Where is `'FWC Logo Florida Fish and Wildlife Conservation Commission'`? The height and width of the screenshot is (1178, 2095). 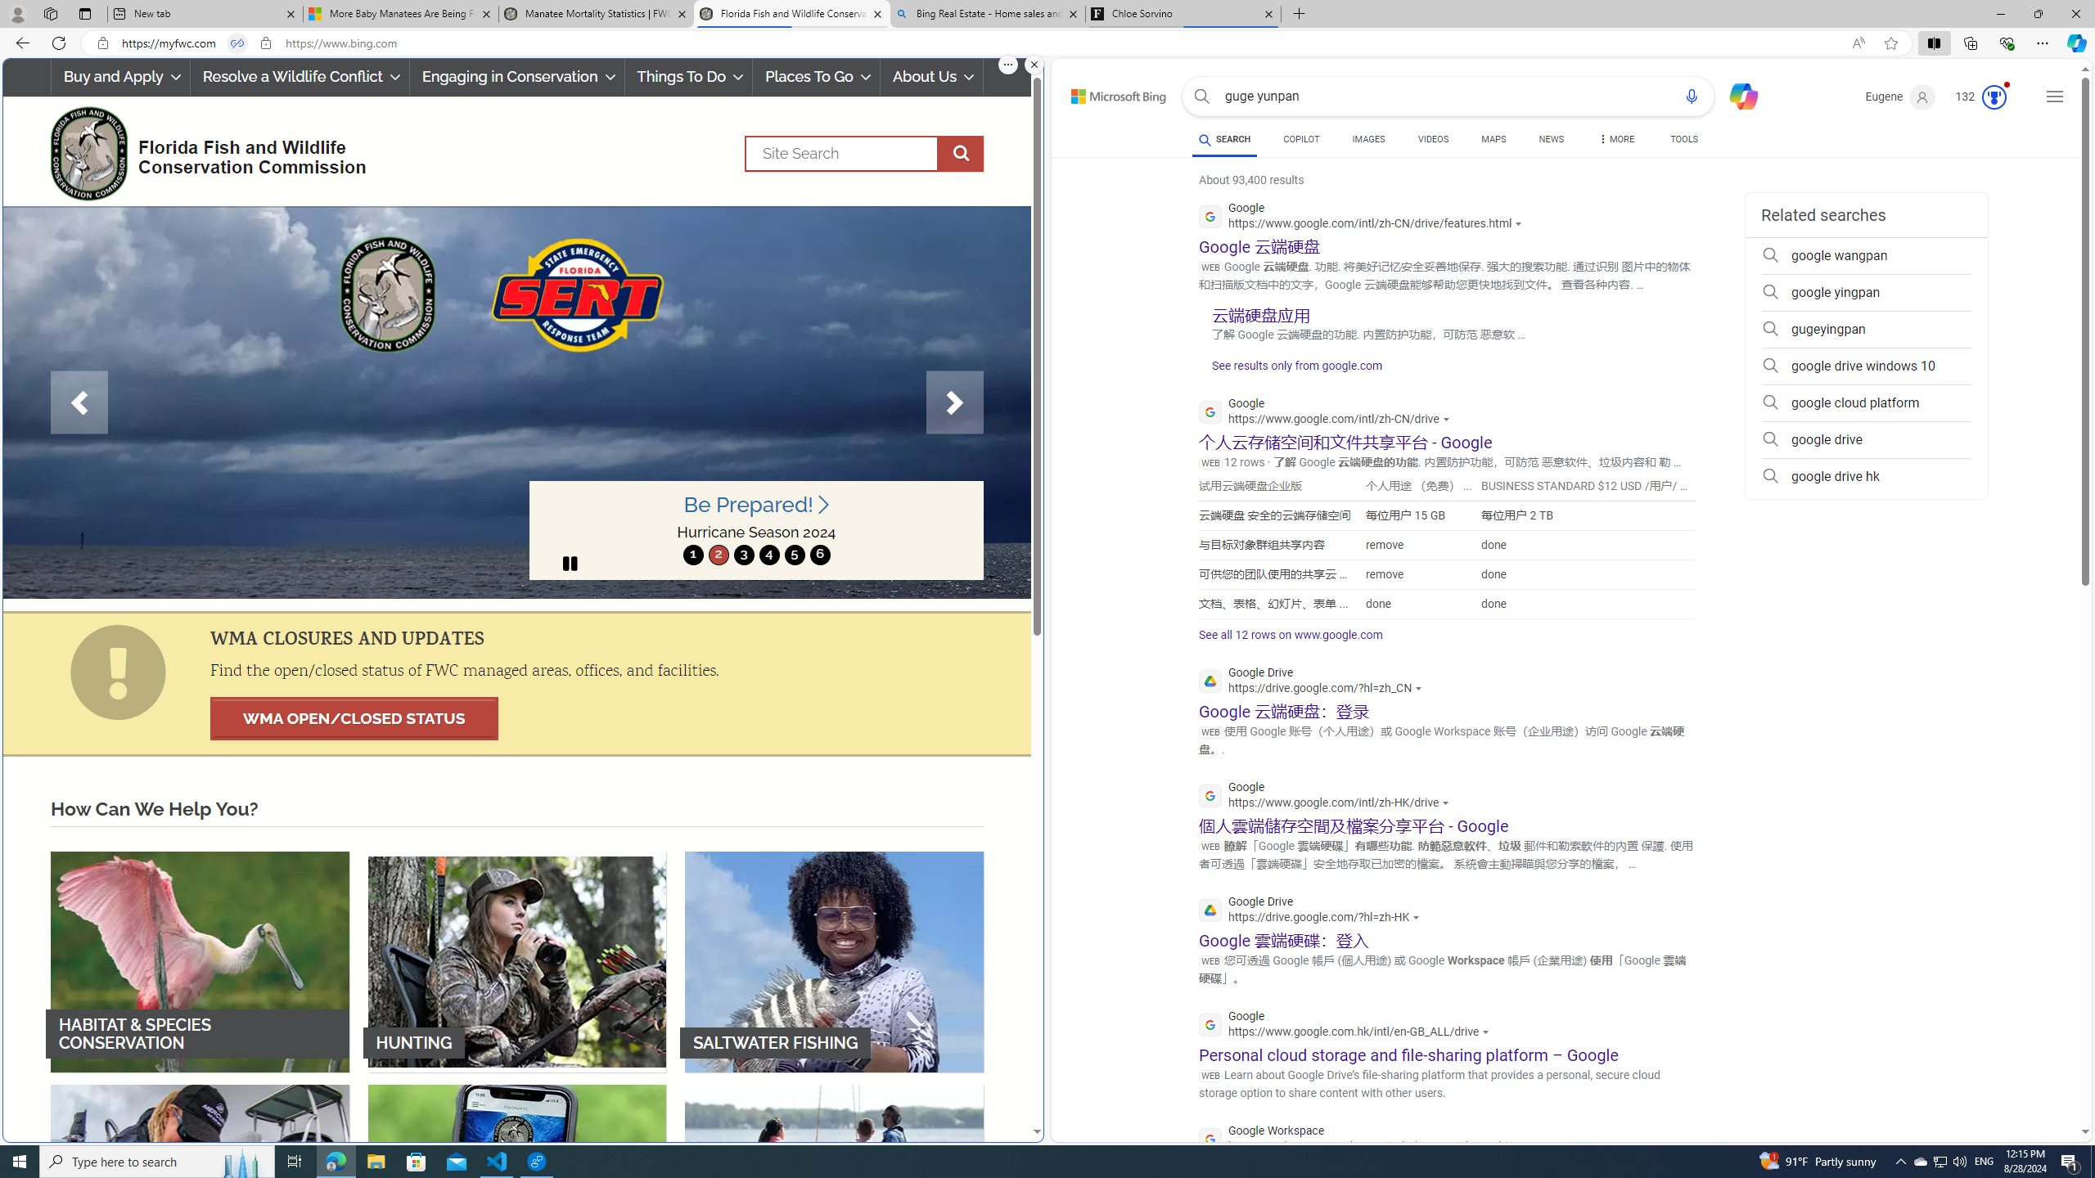
'FWC Logo Florida Fish and Wildlife Conservation Commission' is located at coordinates (200, 151).